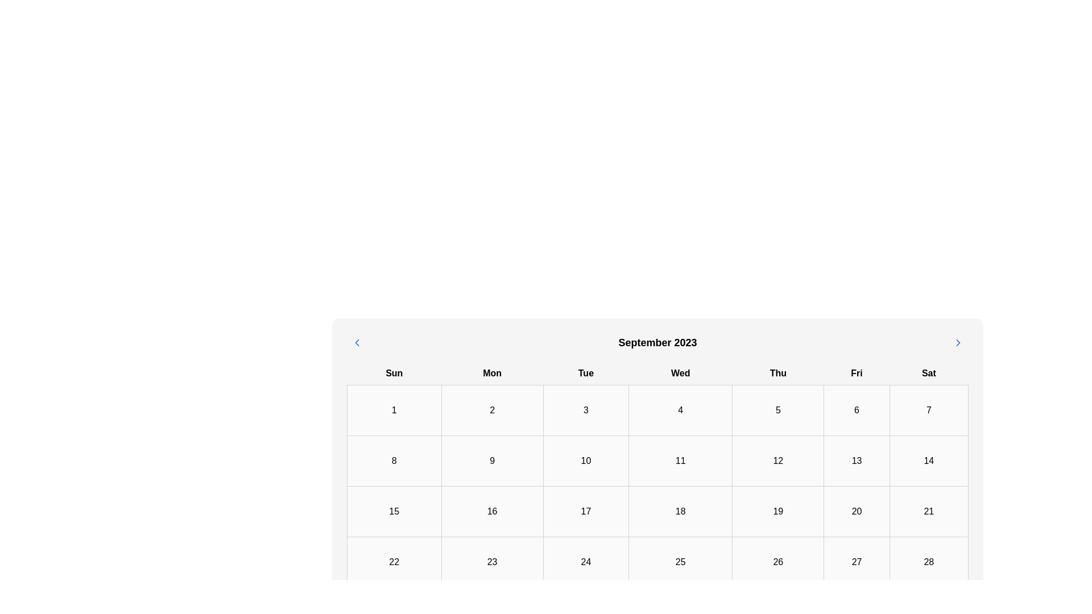 The image size is (1092, 614). I want to click on the Date row in the calendar grid layout, so click(657, 460).